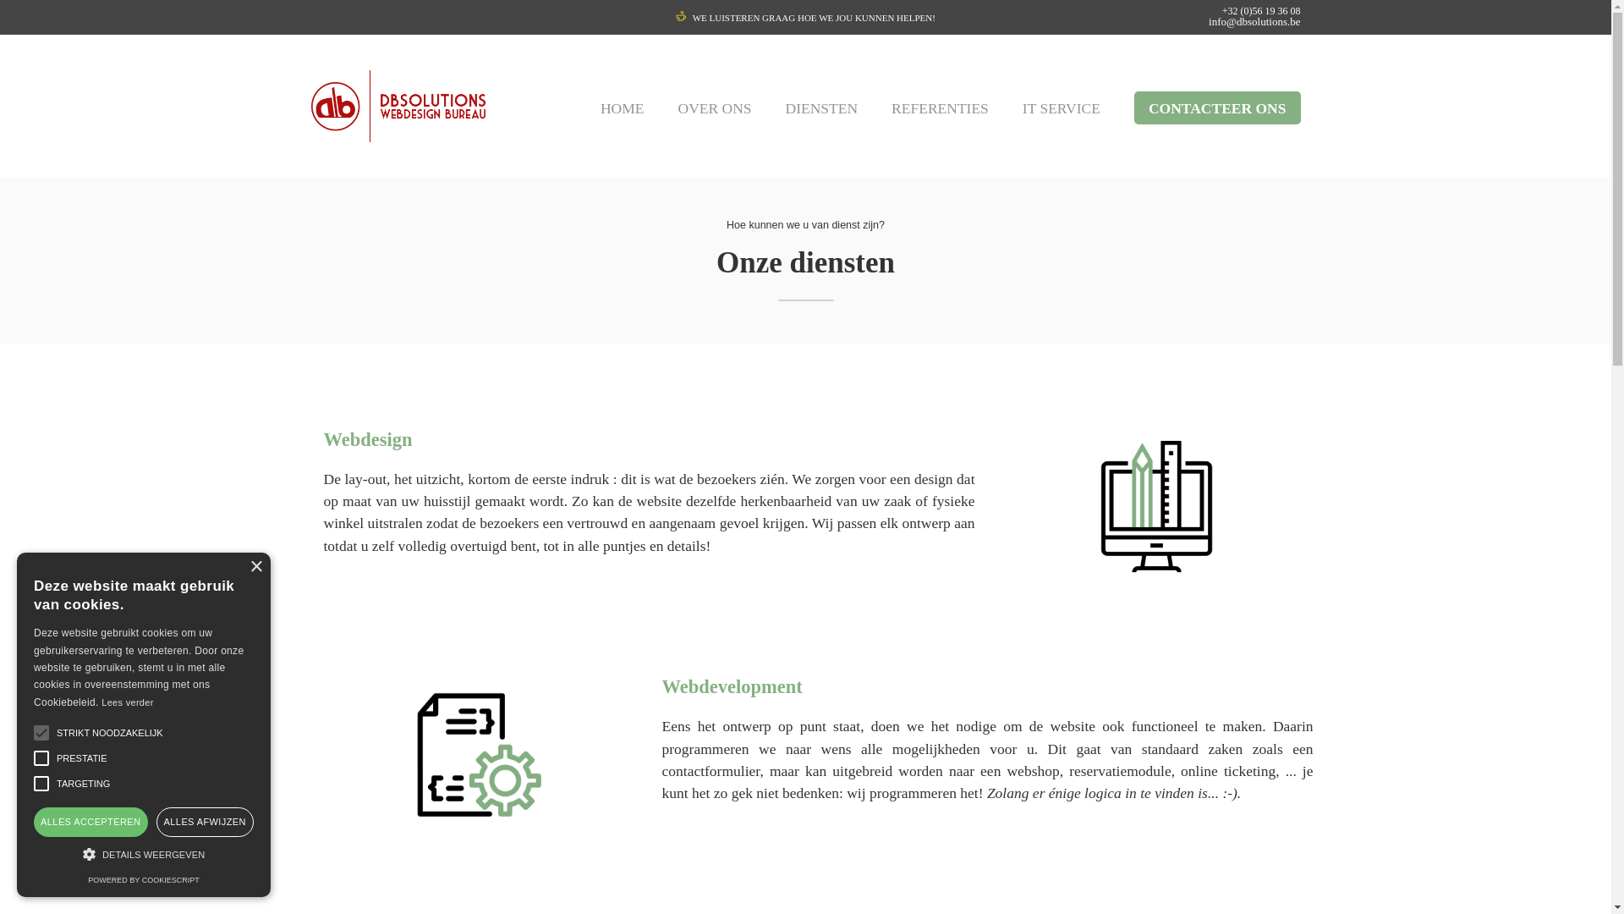  What do you see at coordinates (1060, 107) in the screenshot?
I see `'IT SERVICE'` at bounding box center [1060, 107].